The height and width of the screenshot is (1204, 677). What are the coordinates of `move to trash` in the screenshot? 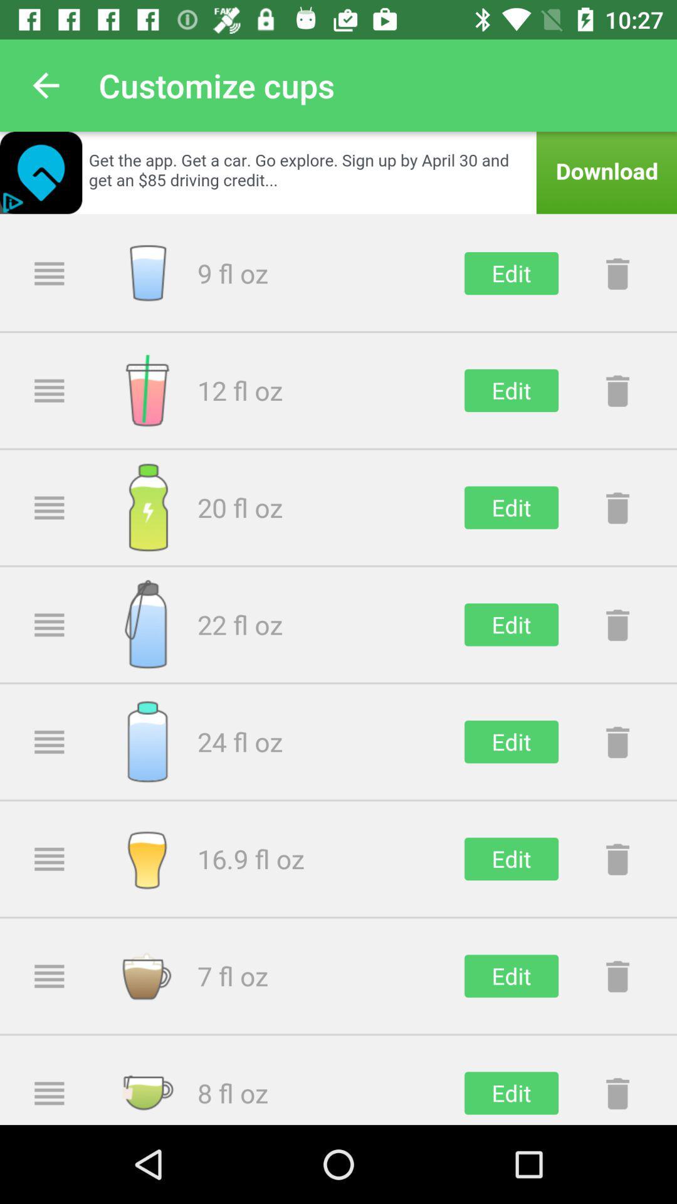 It's located at (617, 1092).